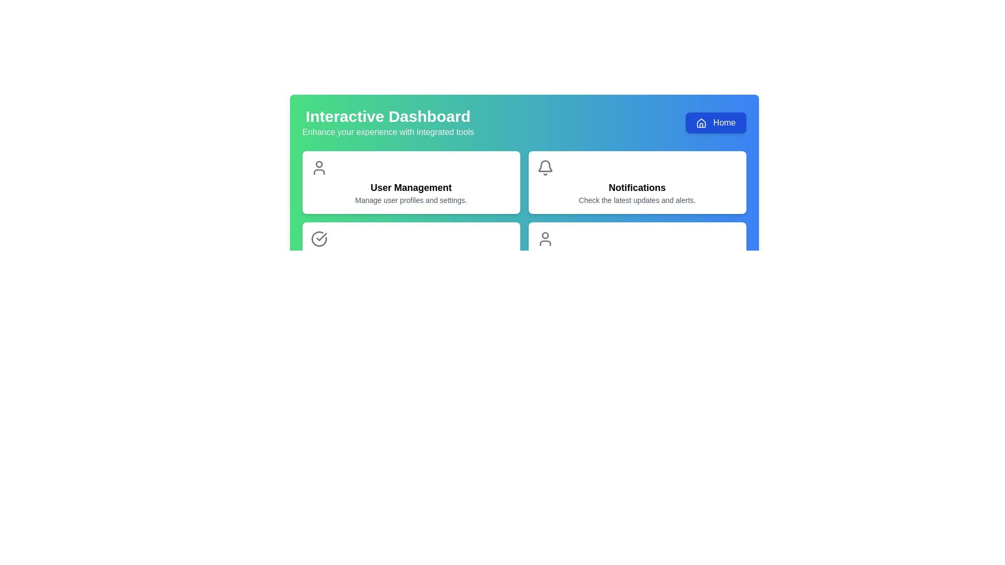 This screenshot has height=565, width=1005. I want to click on the Informational card located in the top left corner of the 2x2 grid layout, so click(410, 182).